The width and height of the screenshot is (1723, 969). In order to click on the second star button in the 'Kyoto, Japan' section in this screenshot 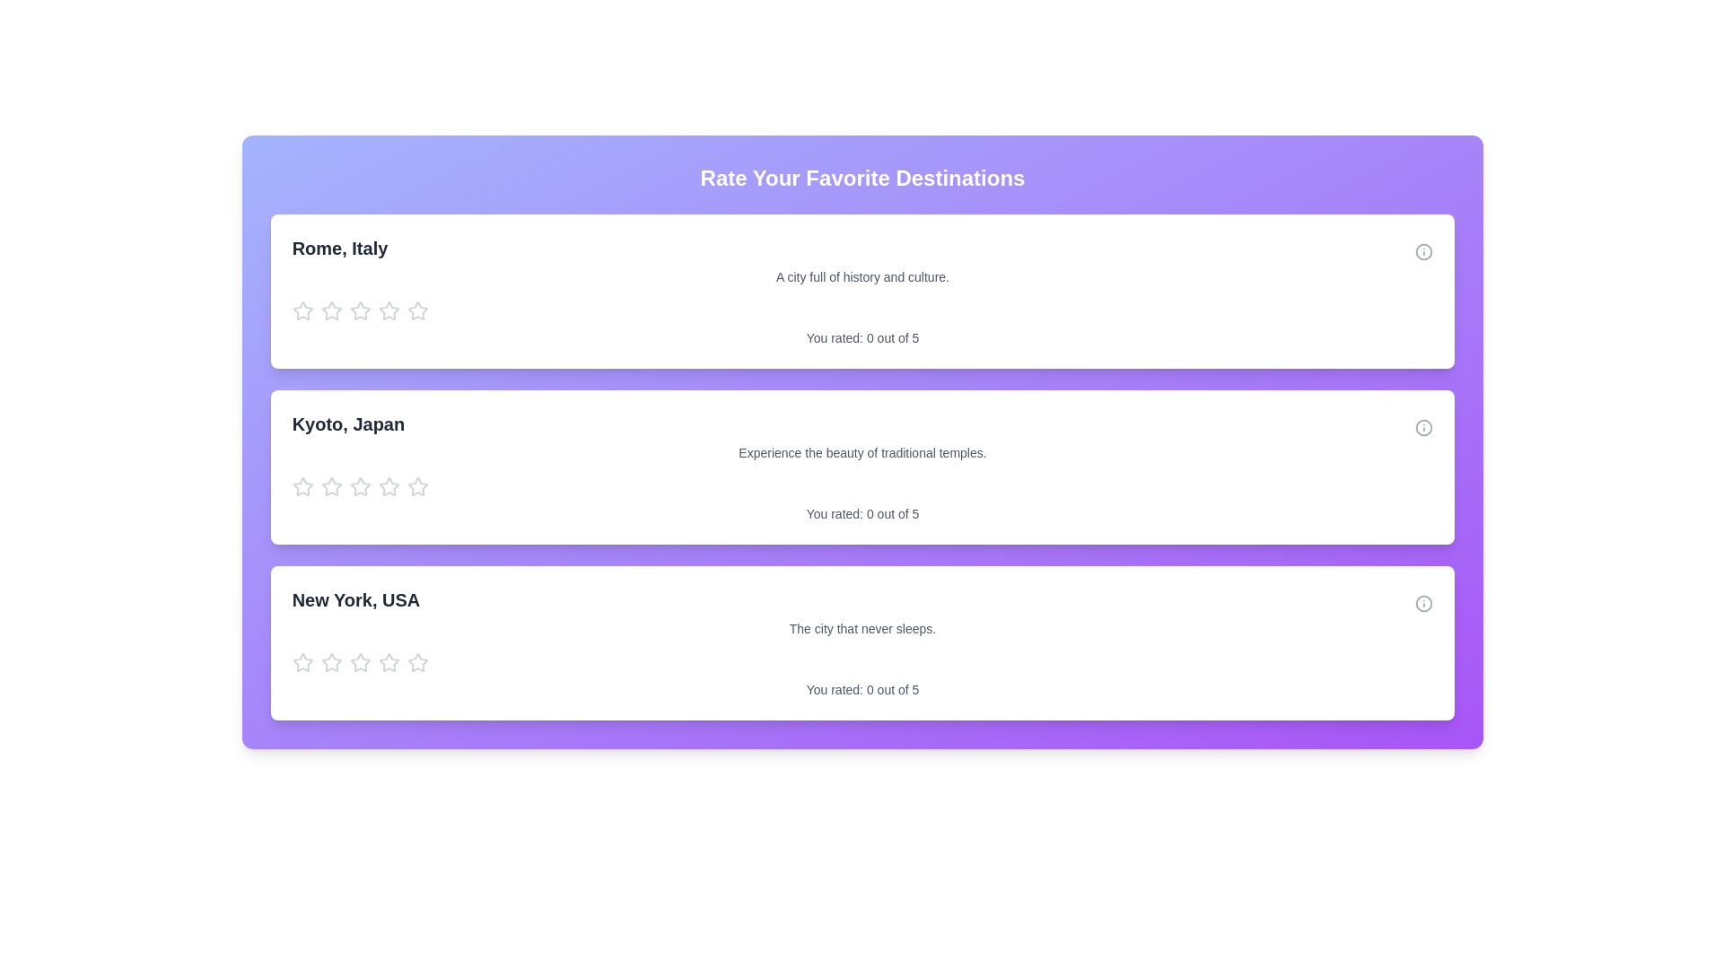, I will do `click(388, 486)`.